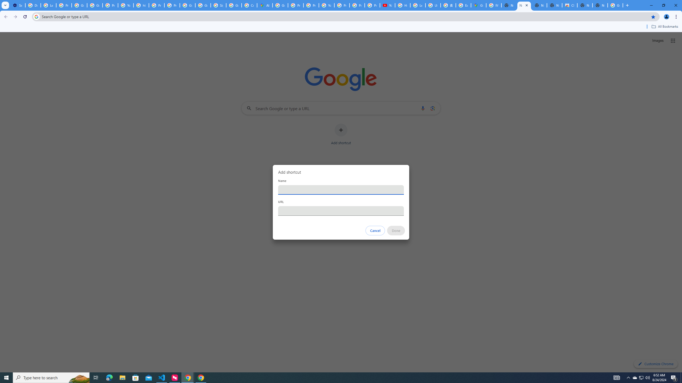 The width and height of the screenshot is (682, 383). I want to click on 'Google Maps', so click(478, 5).